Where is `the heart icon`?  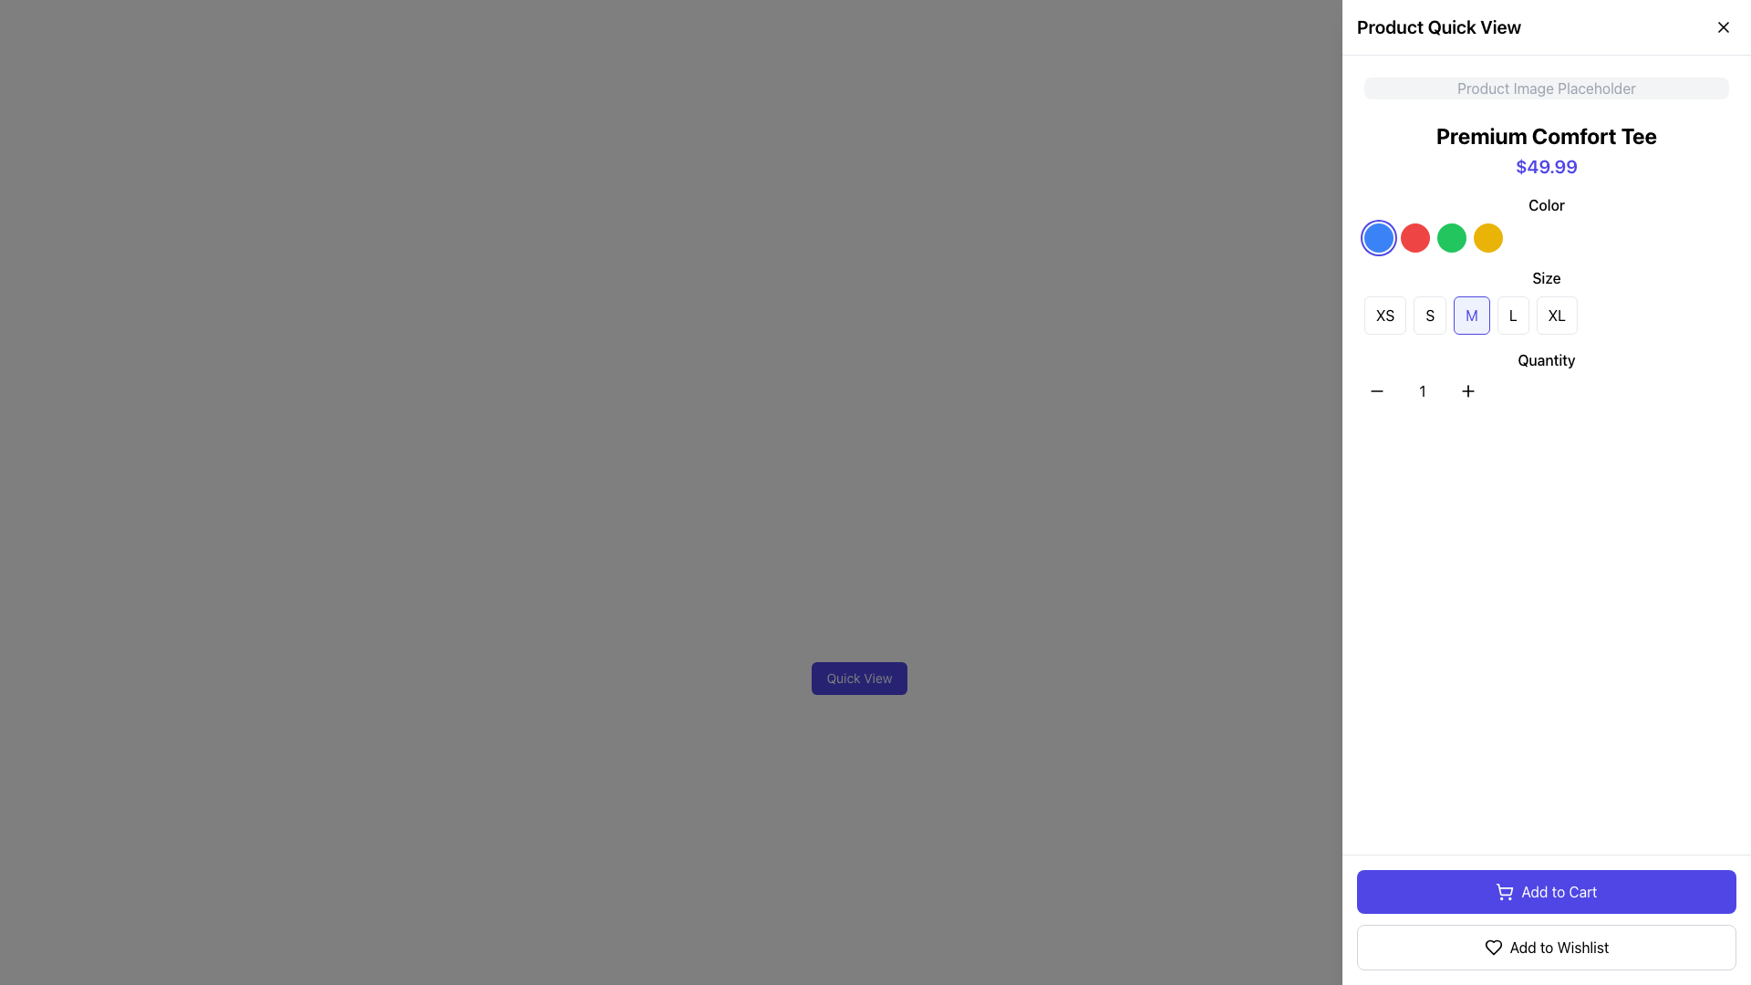
the heart icon is located at coordinates (1493, 946).